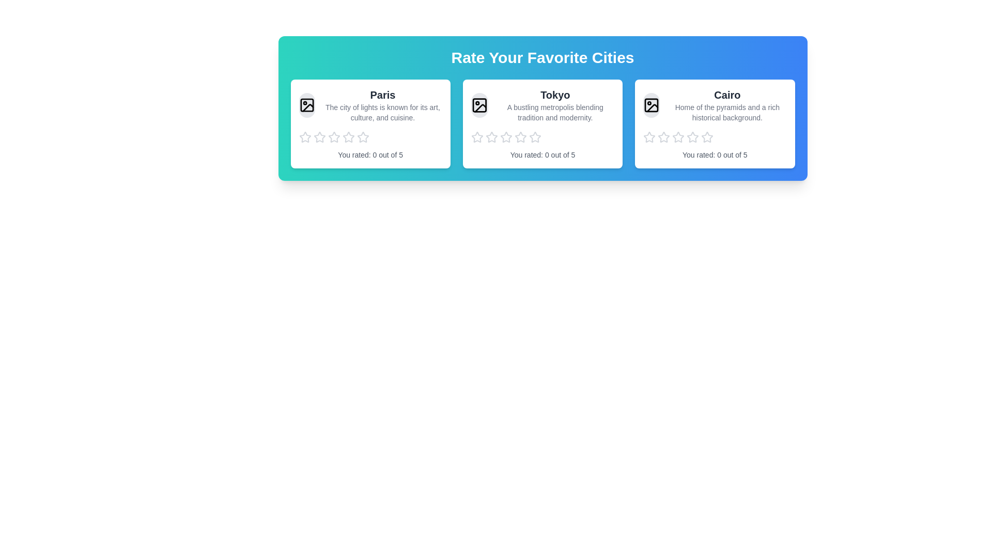 This screenshot has width=992, height=558. I want to click on the fifth star icon in the rating row below the card labeled 'Tokyo' to provide a five-star rating, so click(535, 137).